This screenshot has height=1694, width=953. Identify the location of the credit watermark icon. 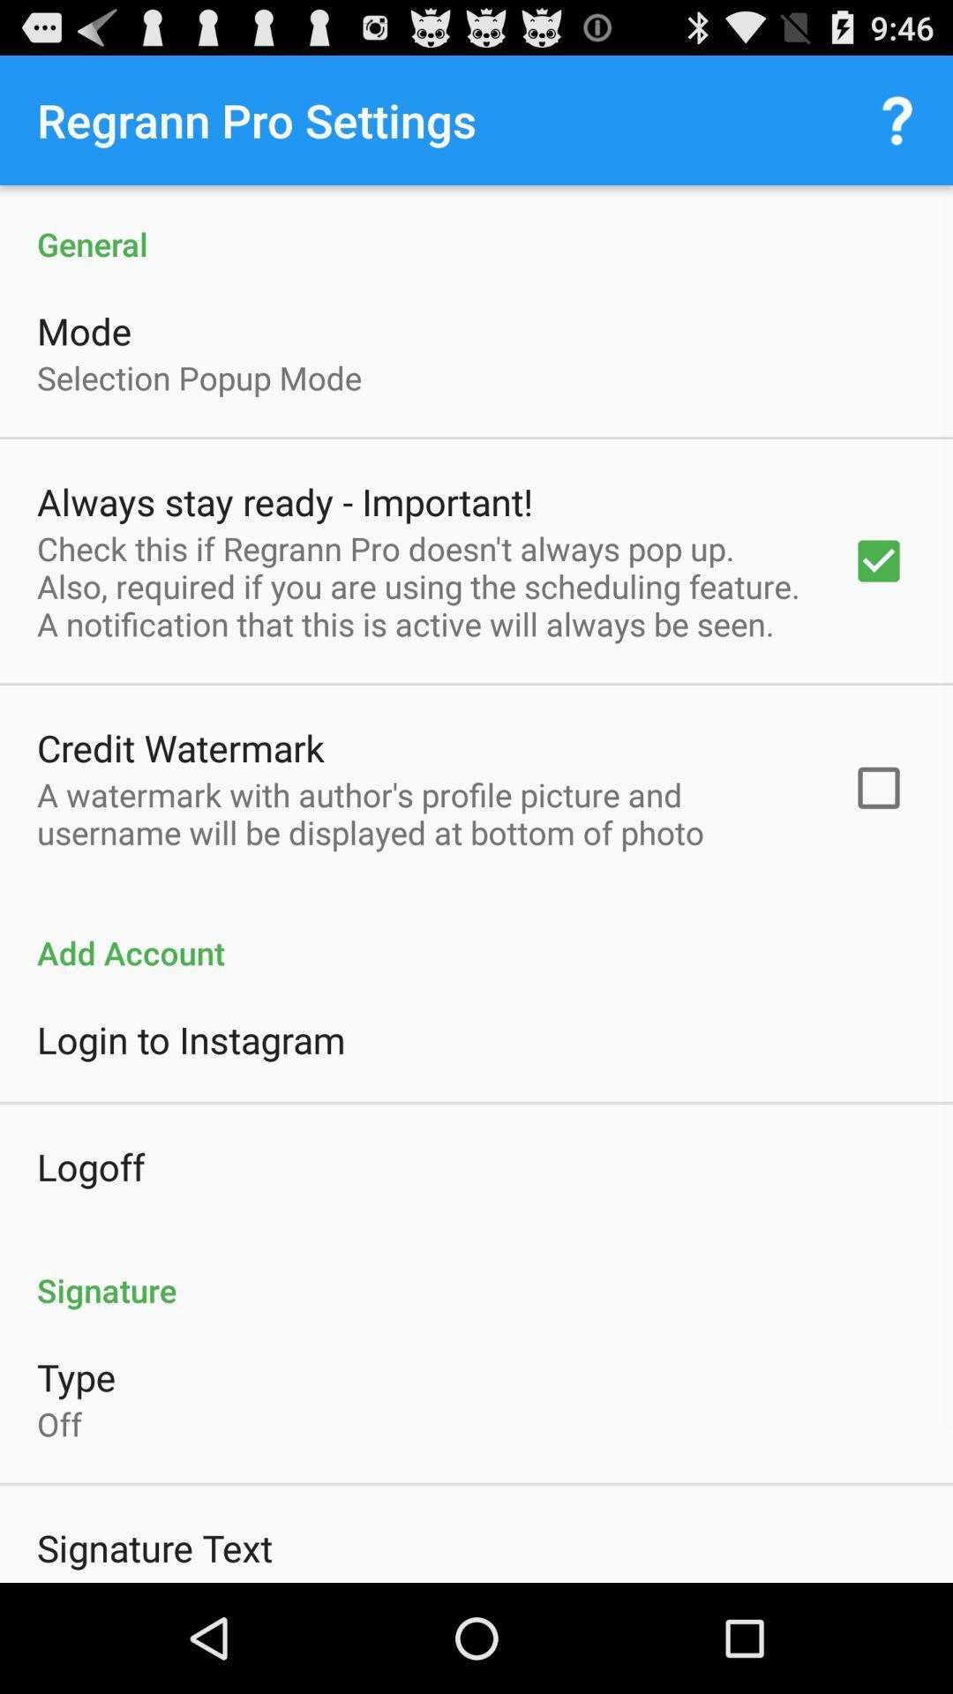
(180, 747).